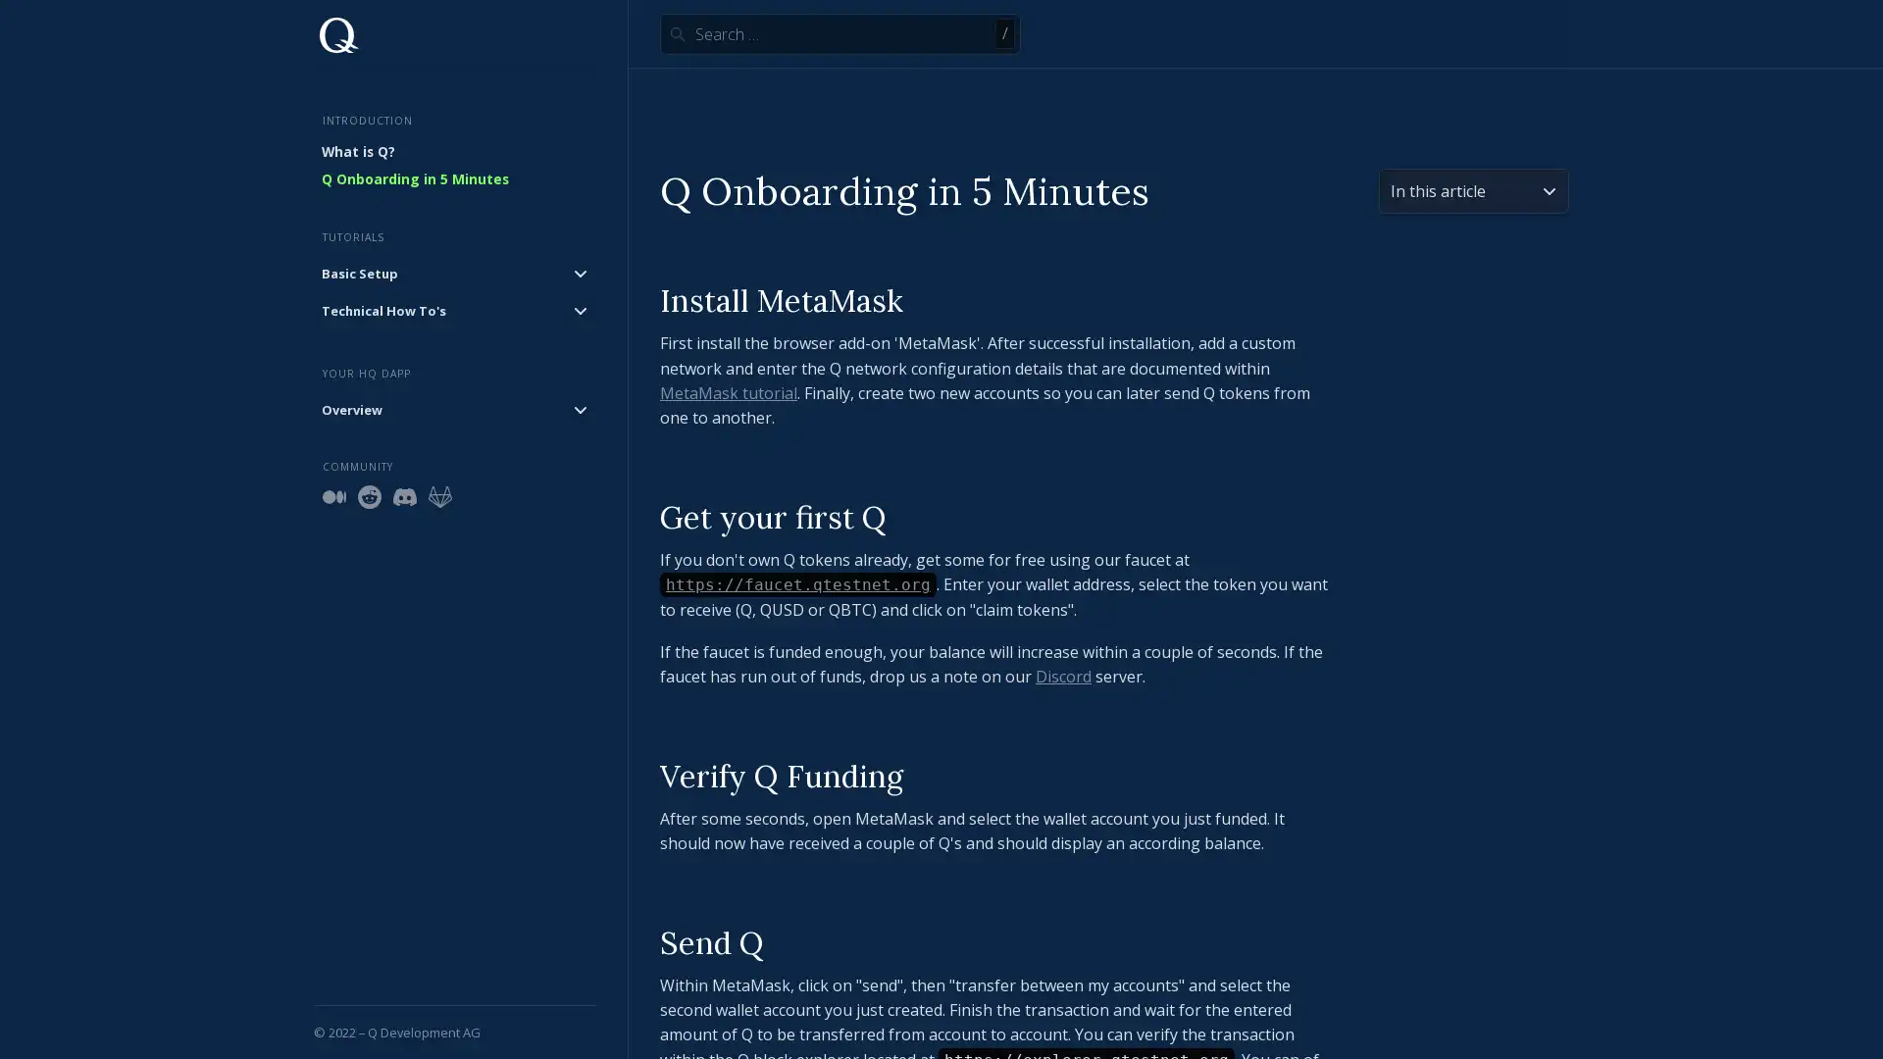  Describe the element at coordinates (454, 309) in the screenshot. I see `Technical How To's` at that location.